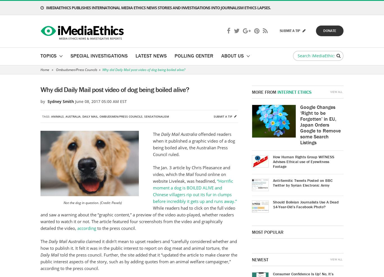 The height and width of the screenshot is (277, 384). Describe the element at coordinates (44, 101) in the screenshot. I see `'by'` at that location.